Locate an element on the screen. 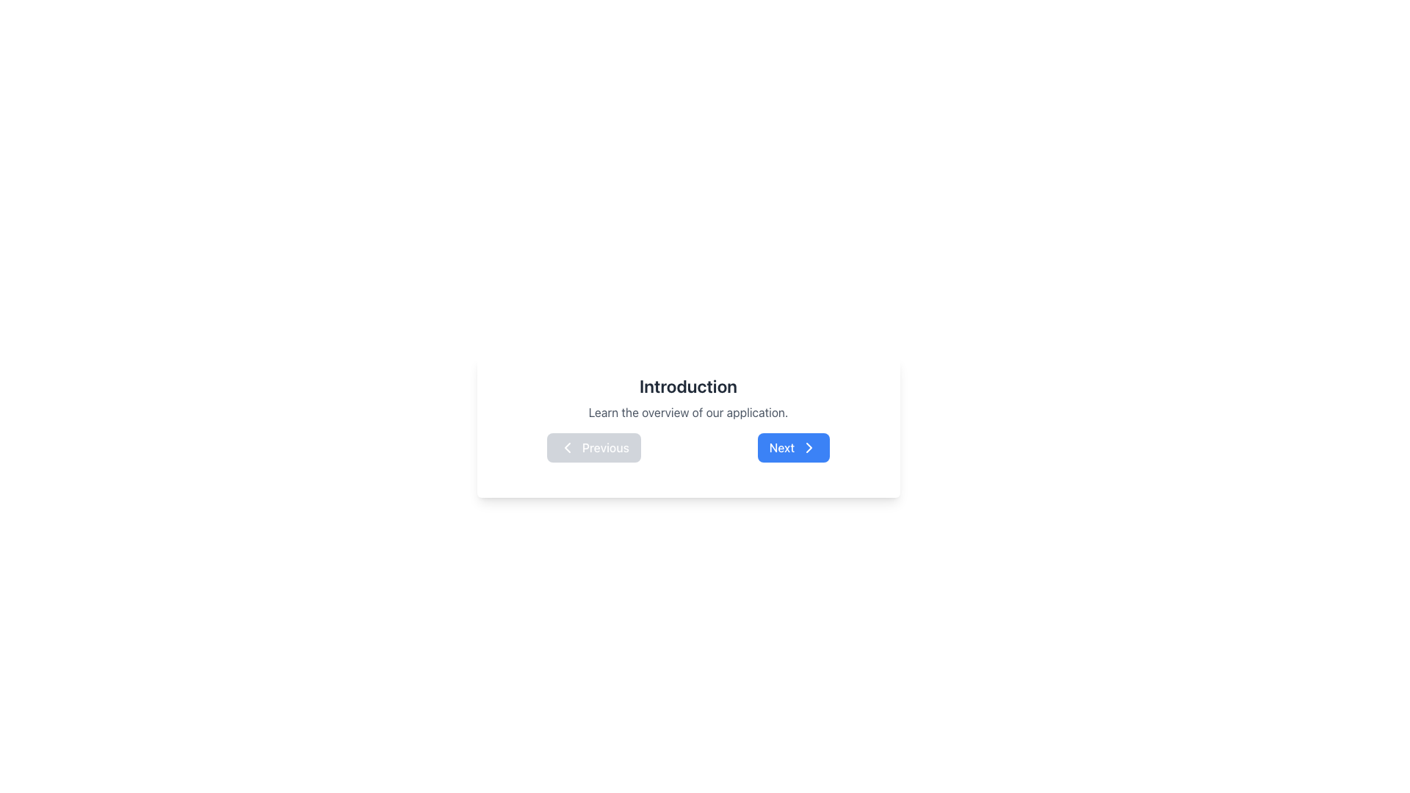 This screenshot has height=793, width=1410. the button with a blue background and white text stating 'Next' is located at coordinates (792, 446).